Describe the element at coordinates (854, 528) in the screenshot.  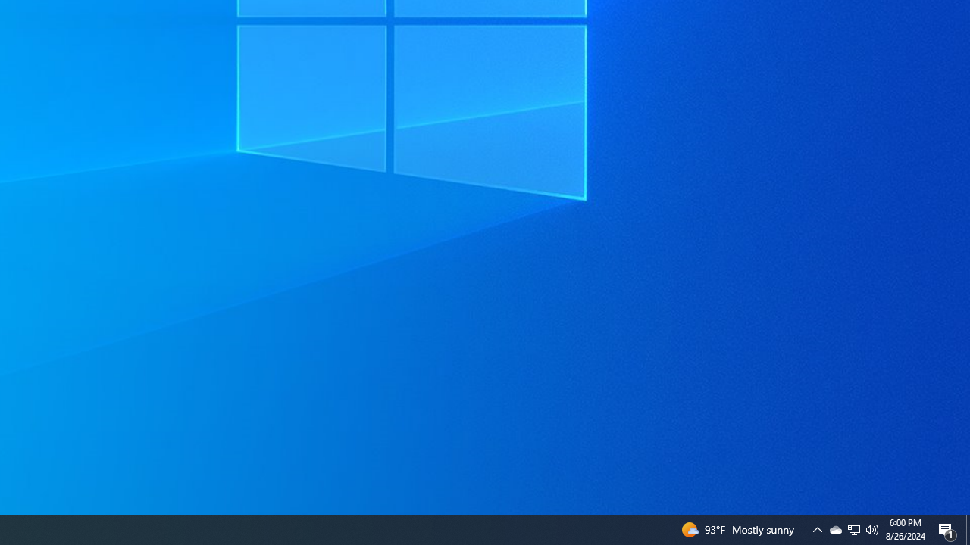
I see `'User Promoted Notification Area'` at that location.